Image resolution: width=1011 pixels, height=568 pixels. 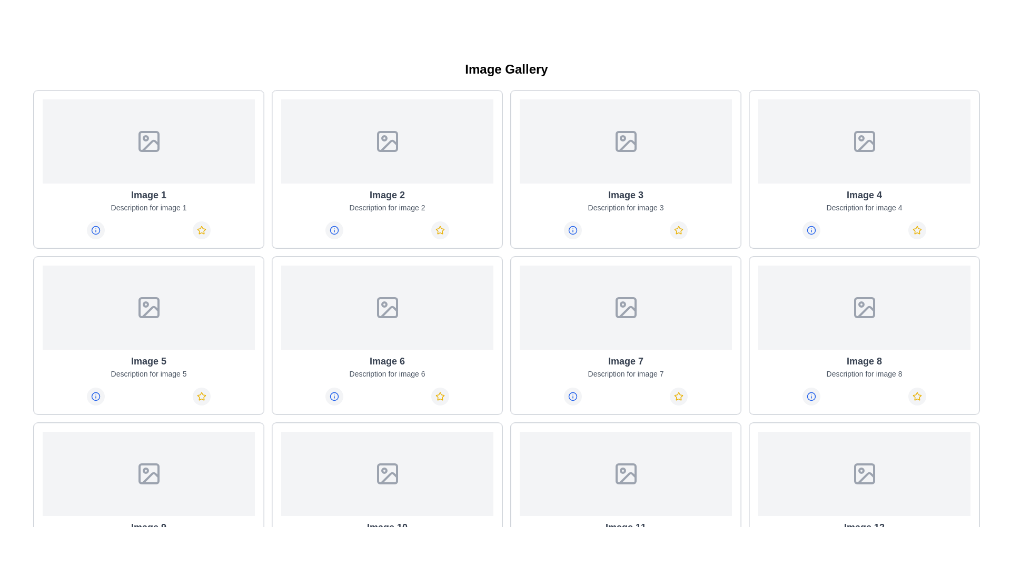 What do you see at coordinates (626, 474) in the screenshot?
I see `the SVG rectangle that serves as part of the background of the eleventh image block in the gallery` at bounding box center [626, 474].